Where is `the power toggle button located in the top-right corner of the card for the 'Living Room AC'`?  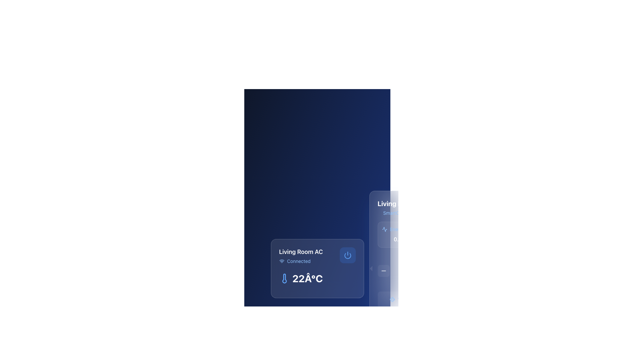 the power toggle button located in the top-right corner of the card for the 'Living Room AC' is located at coordinates (347, 255).